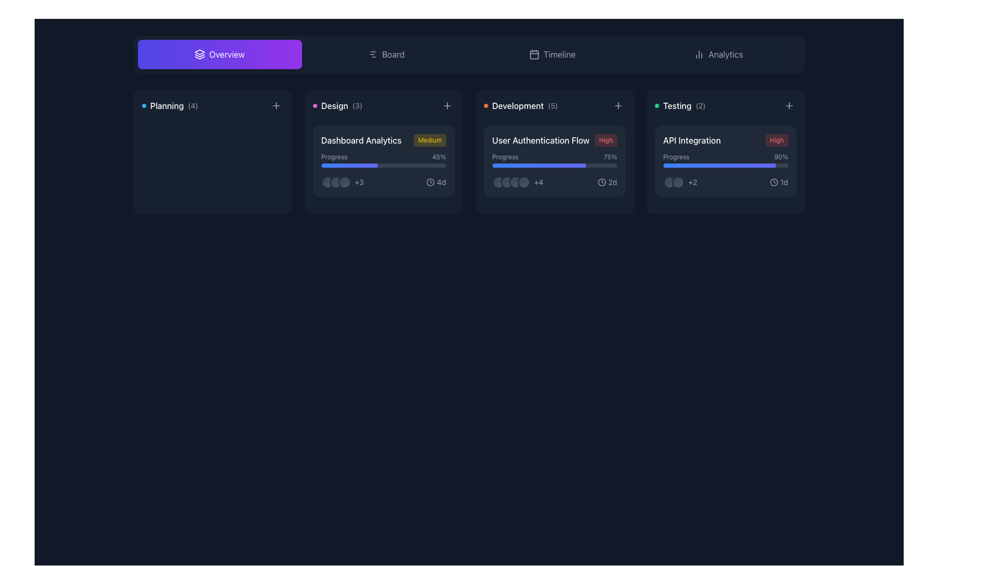  What do you see at coordinates (383, 181) in the screenshot?
I see `icons of the Status indicator located at the bottom of the 'Dashboard Analytics' card under the 'Design' category to gather additional information about user-related activity updates` at bounding box center [383, 181].